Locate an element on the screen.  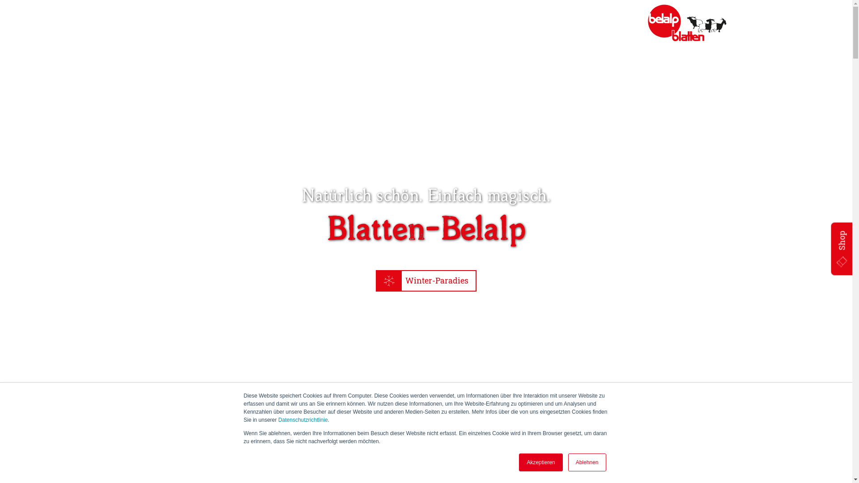
'Akzeptieren' is located at coordinates (540, 462).